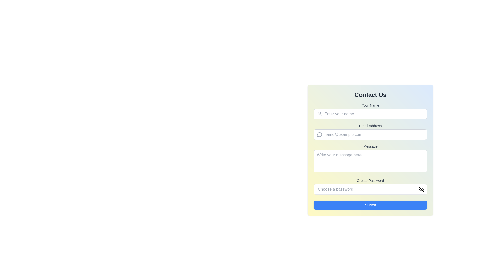  Describe the element at coordinates (370, 126) in the screenshot. I see `the text label indicating the email address input field, which is located above the associated input field within the form` at that location.